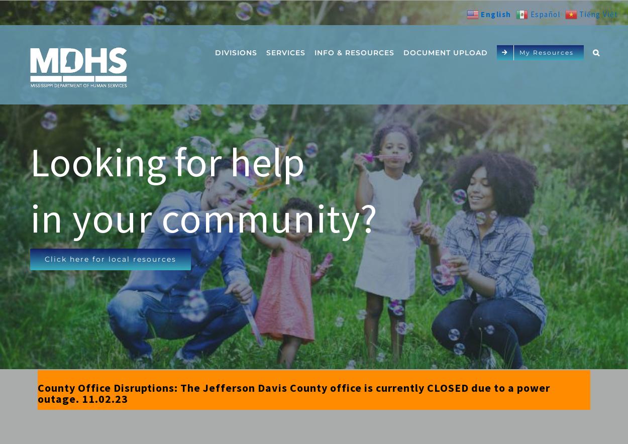 The height and width of the screenshot is (444, 628). What do you see at coordinates (364, 224) in the screenshot?
I see `'Mississippi Access to Maternal Assistance'` at bounding box center [364, 224].